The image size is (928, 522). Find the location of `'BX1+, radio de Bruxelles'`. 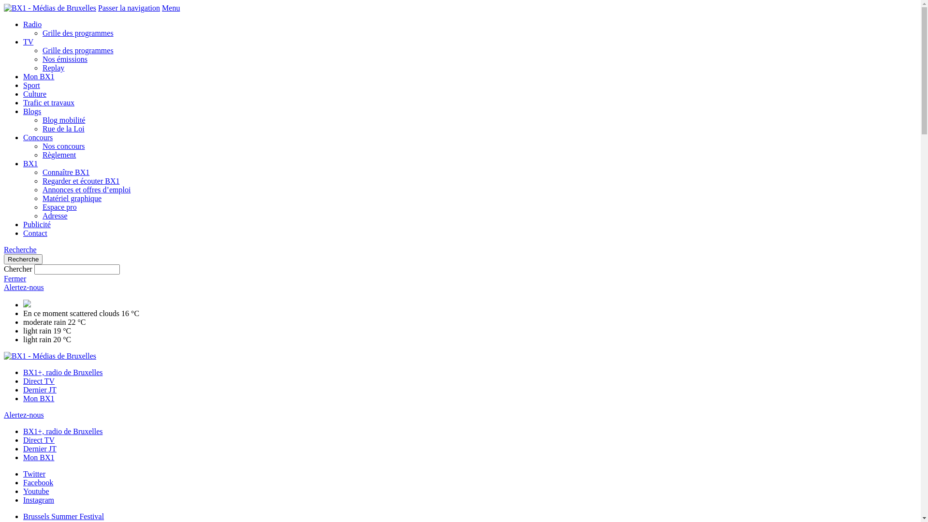

'BX1+, radio de Bruxelles' is located at coordinates (62, 431).